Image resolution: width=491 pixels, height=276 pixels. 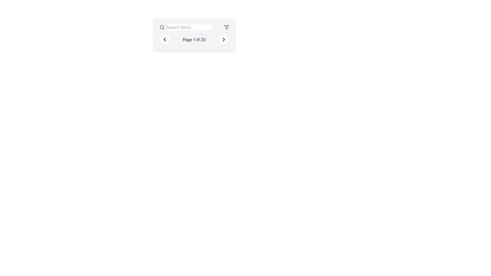 What do you see at coordinates (194, 39) in the screenshot?
I see `the pagination label displaying 'Page 1 of 20', which is centered between navigation buttons in dark gray text` at bounding box center [194, 39].